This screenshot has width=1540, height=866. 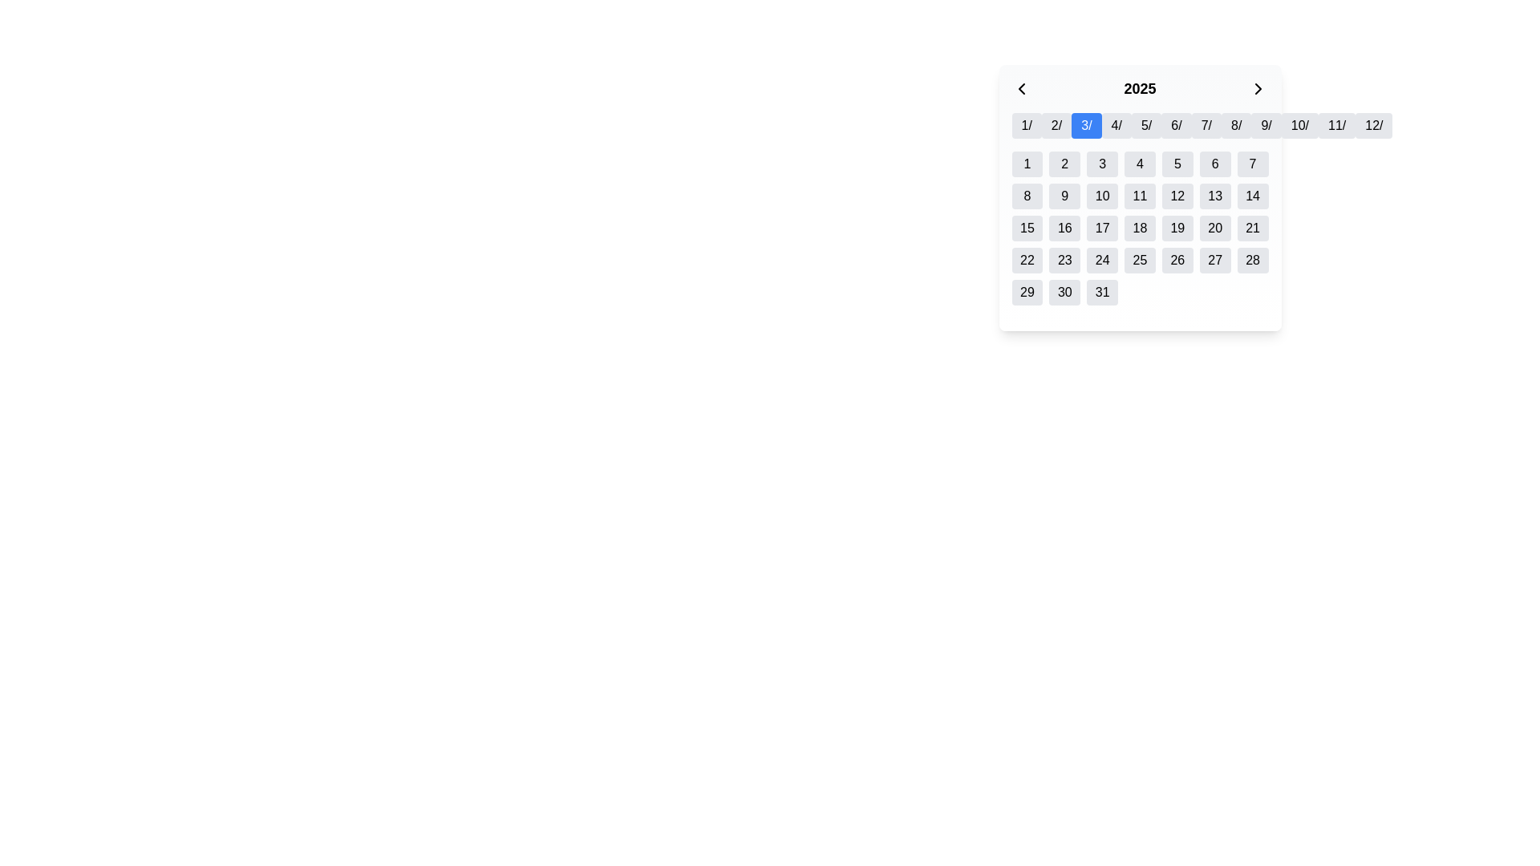 What do you see at coordinates (1100, 293) in the screenshot?
I see `on the interactive calendar cell located in the last column and fifth row of the March 2025 calendar` at bounding box center [1100, 293].